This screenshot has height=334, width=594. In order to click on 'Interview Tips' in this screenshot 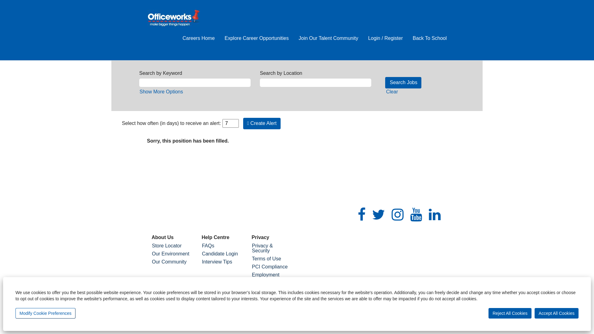, I will do `click(222, 262)`.